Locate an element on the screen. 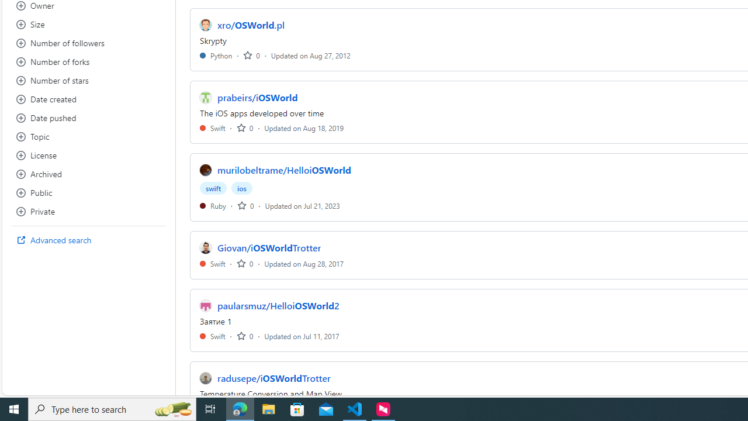 The image size is (748, 421). 'prabeirs/iOSWorld' is located at coordinates (257, 97).